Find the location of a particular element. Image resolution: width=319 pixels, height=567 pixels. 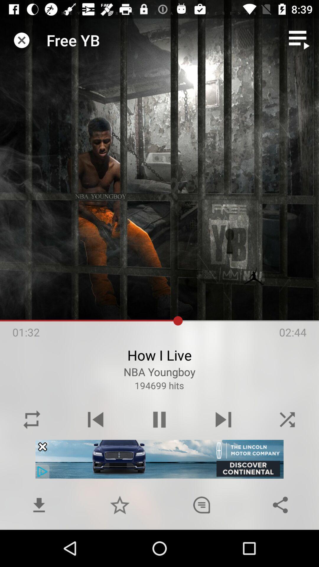

the share icon is located at coordinates (280, 504).